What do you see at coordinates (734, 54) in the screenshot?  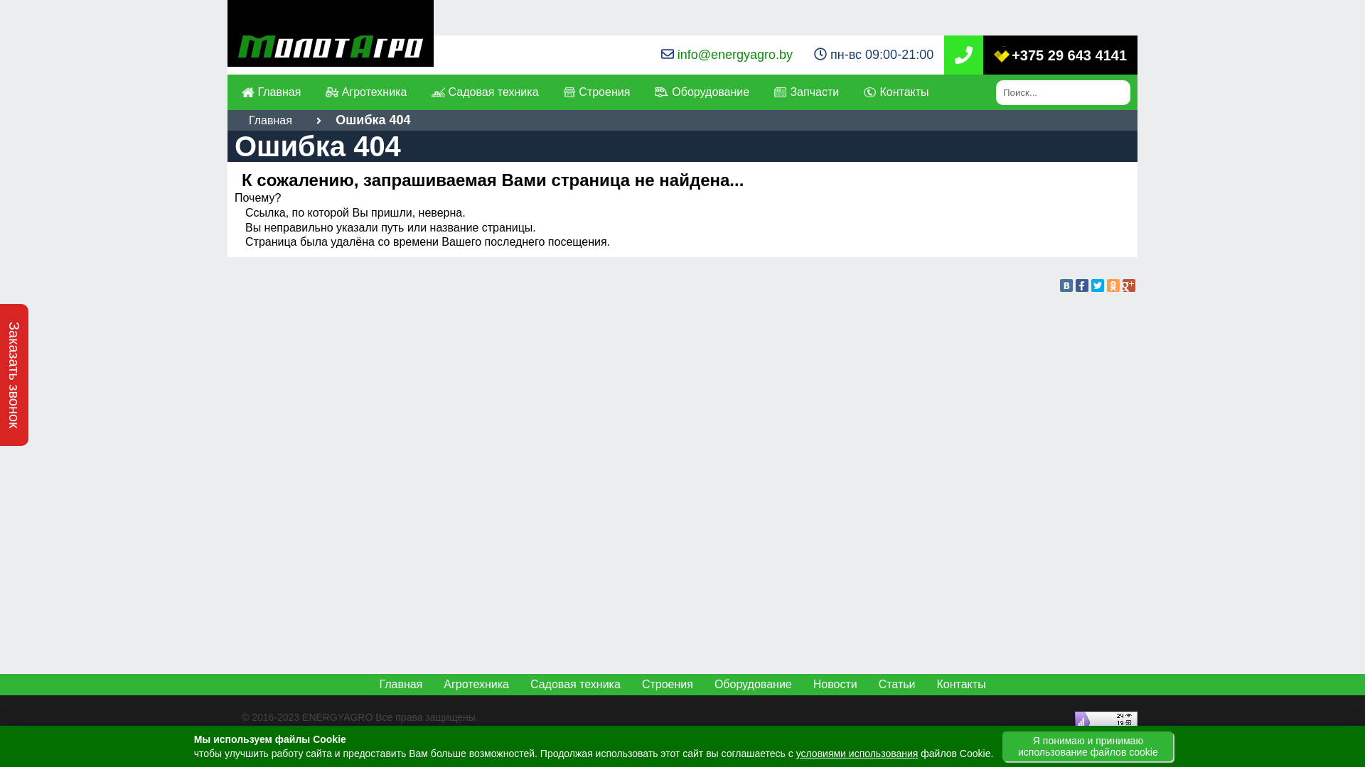 I see `'info@energyagro.by'` at bounding box center [734, 54].